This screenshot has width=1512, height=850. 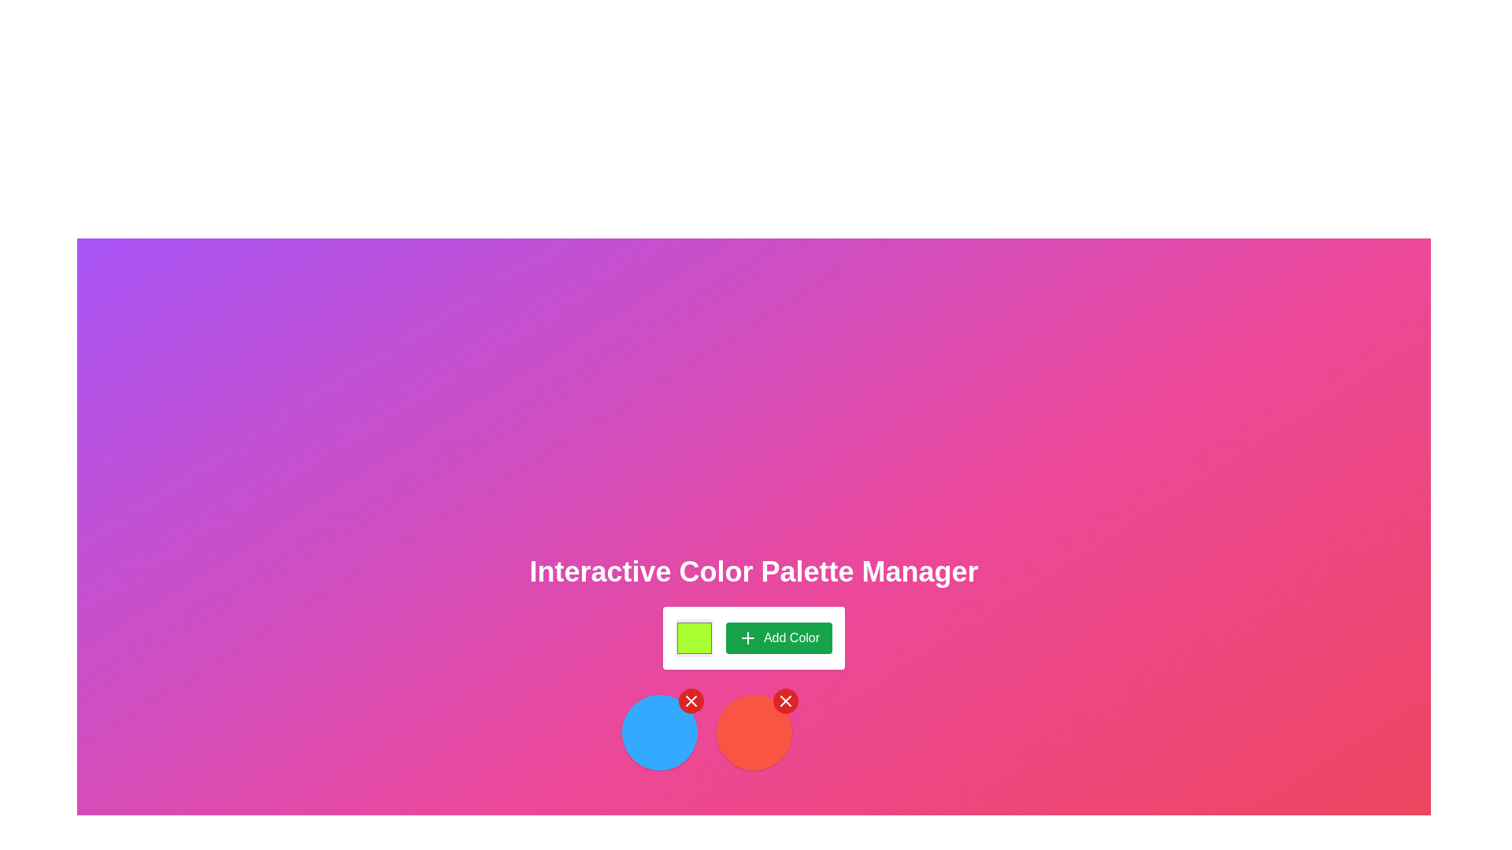 What do you see at coordinates (785, 700) in the screenshot?
I see `the close or delete vector graphic embedded in the right half of the circular icon located above the blue circular object and beside the red circular icon` at bounding box center [785, 700].